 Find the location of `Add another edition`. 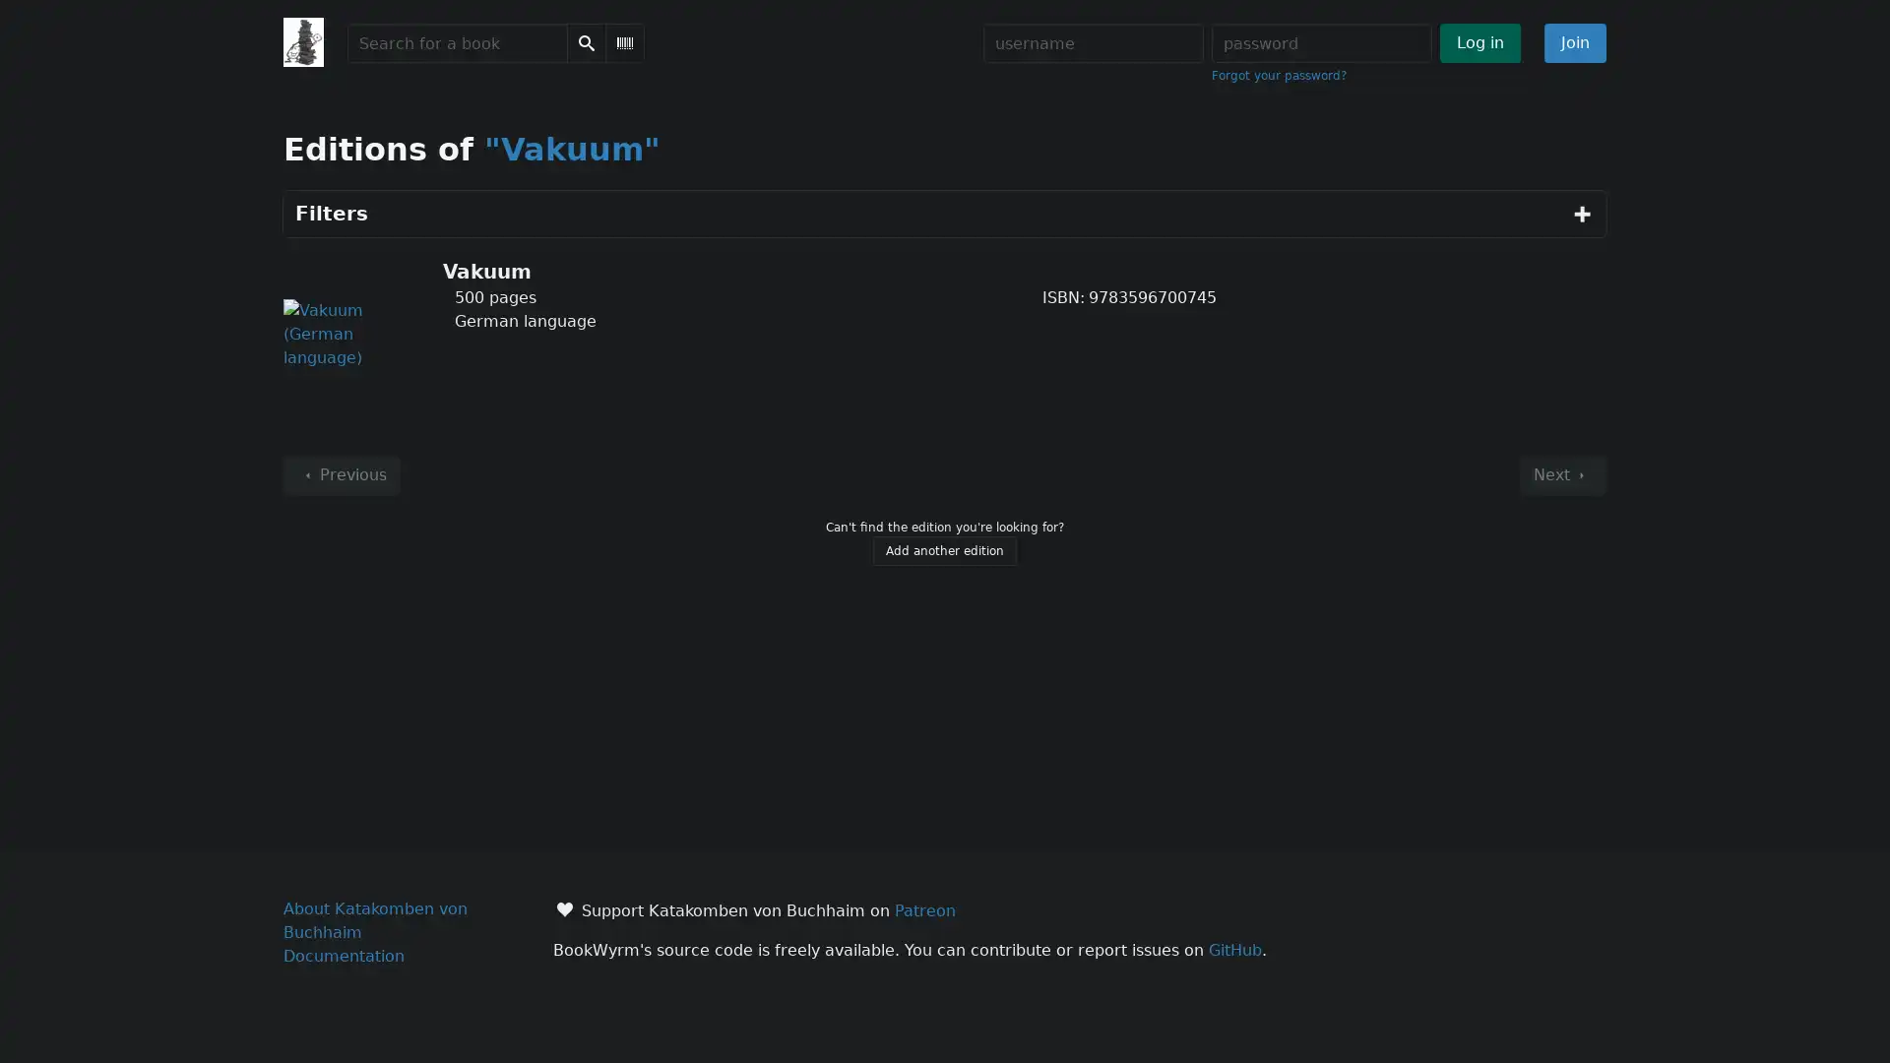

Add another edition is located at coordinates (945, 550).